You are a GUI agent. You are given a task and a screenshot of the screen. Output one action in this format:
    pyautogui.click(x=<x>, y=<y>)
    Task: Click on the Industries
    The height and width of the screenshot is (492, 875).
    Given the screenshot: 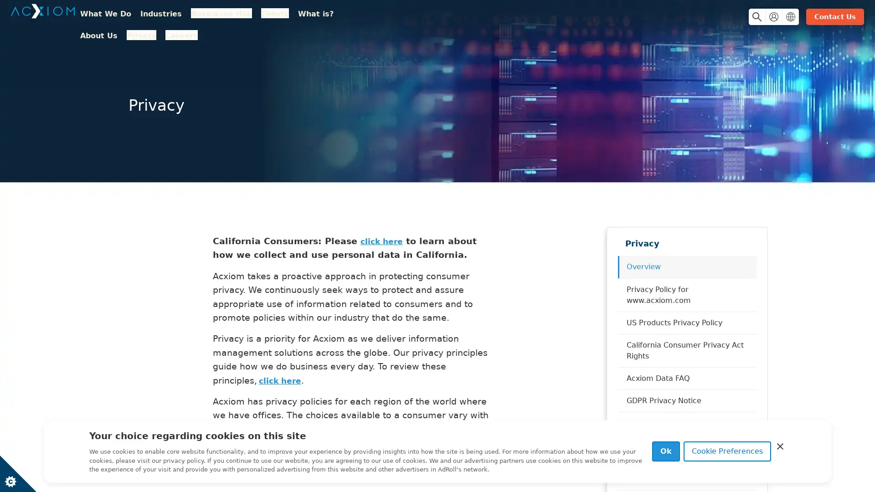 What is the action you would take?
    pyautogui.click(x=174, y=19)
    